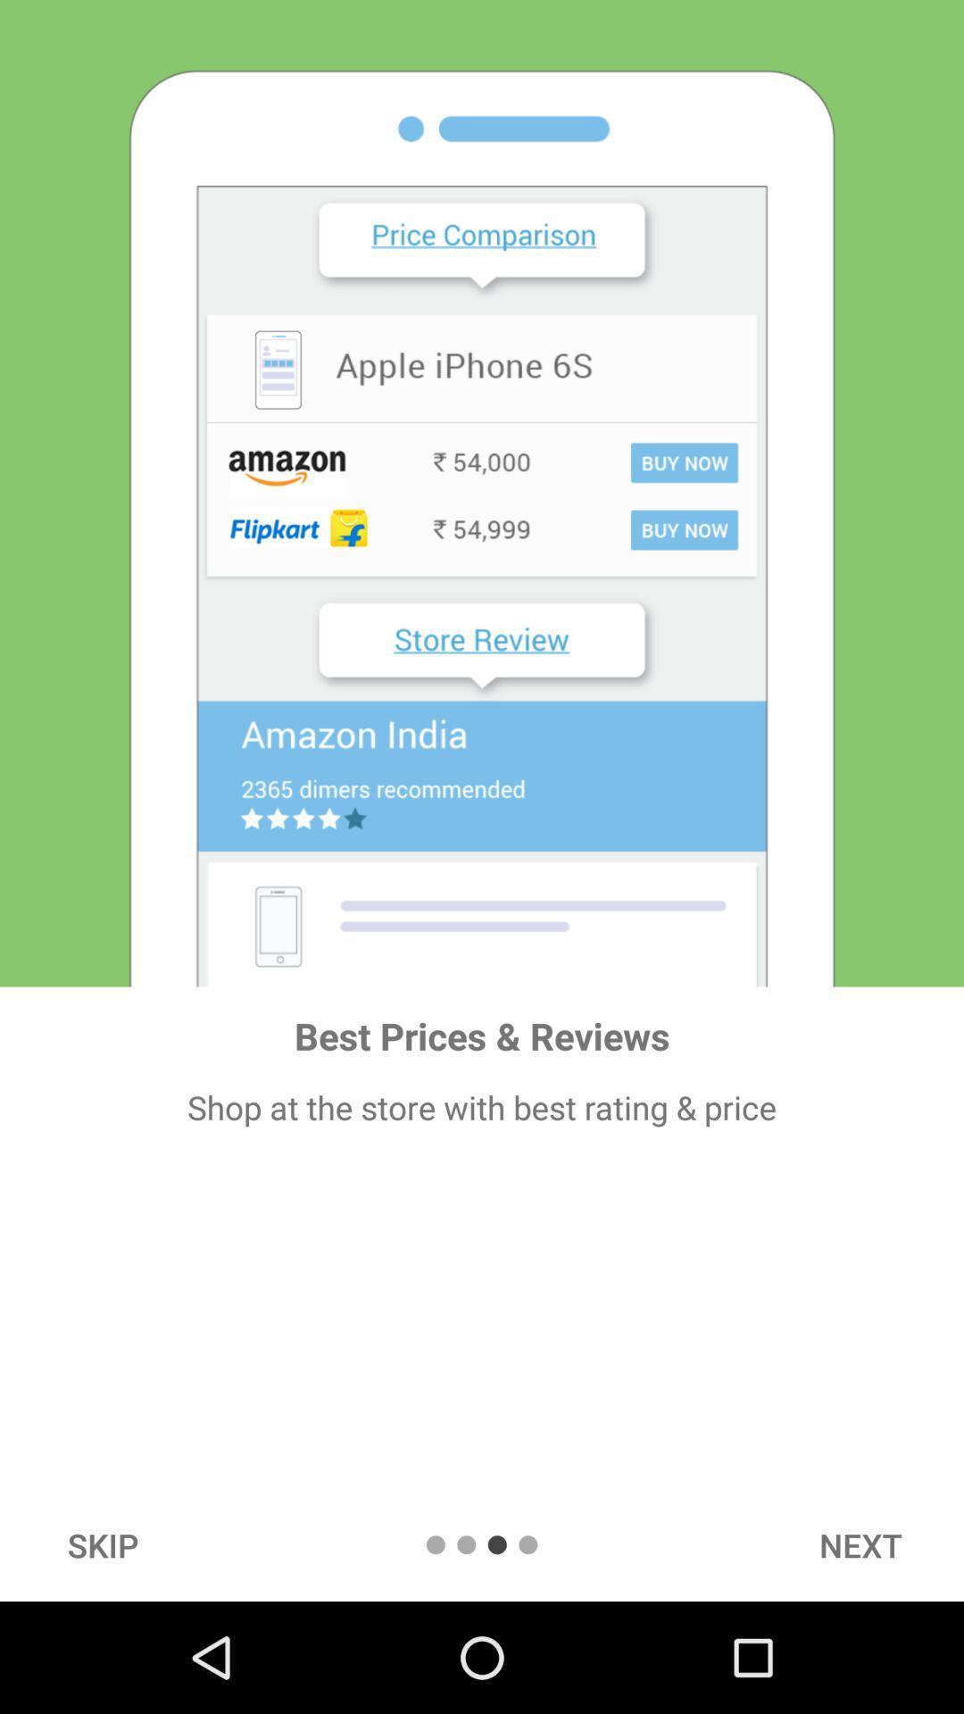  What do you see at coordinates (103, 1544) in the screenshot?
I see `the skip` at bounding box center [103, 1544].